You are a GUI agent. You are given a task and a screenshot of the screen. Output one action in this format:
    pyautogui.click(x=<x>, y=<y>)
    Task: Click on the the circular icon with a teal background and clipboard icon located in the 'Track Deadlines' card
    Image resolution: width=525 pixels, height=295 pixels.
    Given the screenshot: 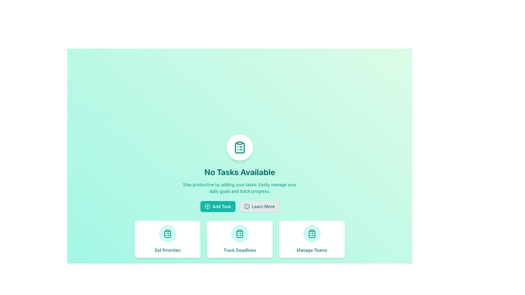 What is the action you would take?
    pyautogui.click(x=240, y=234)
    